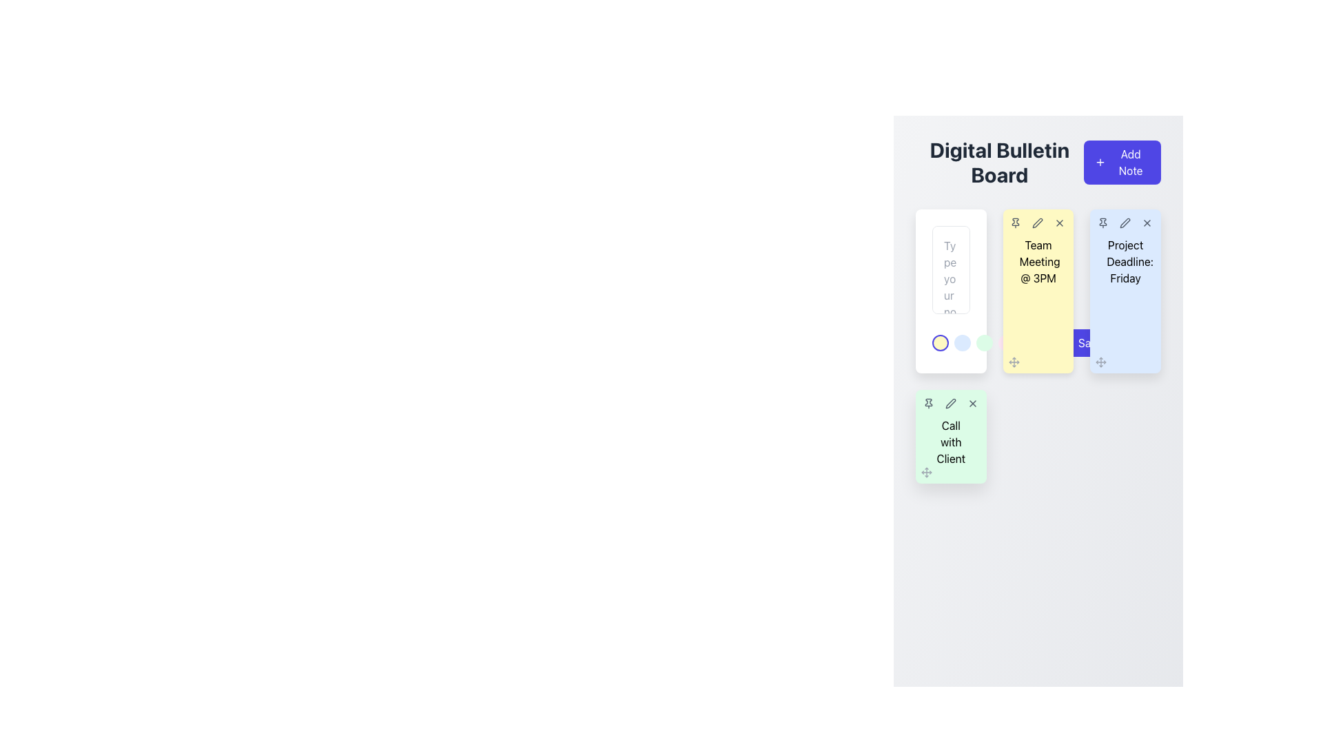 This screenshot has height=744, width=1323. What do you see at coordinates (1122, 161) in the screenshot?
I see `the 'Add Note' button, which is a rectangular button with rounded corners, vibrant indigo background, white plus icon on the left, and the text 'Add Note' in white centered to the right of the icon` at bounding box center [1122, 161].